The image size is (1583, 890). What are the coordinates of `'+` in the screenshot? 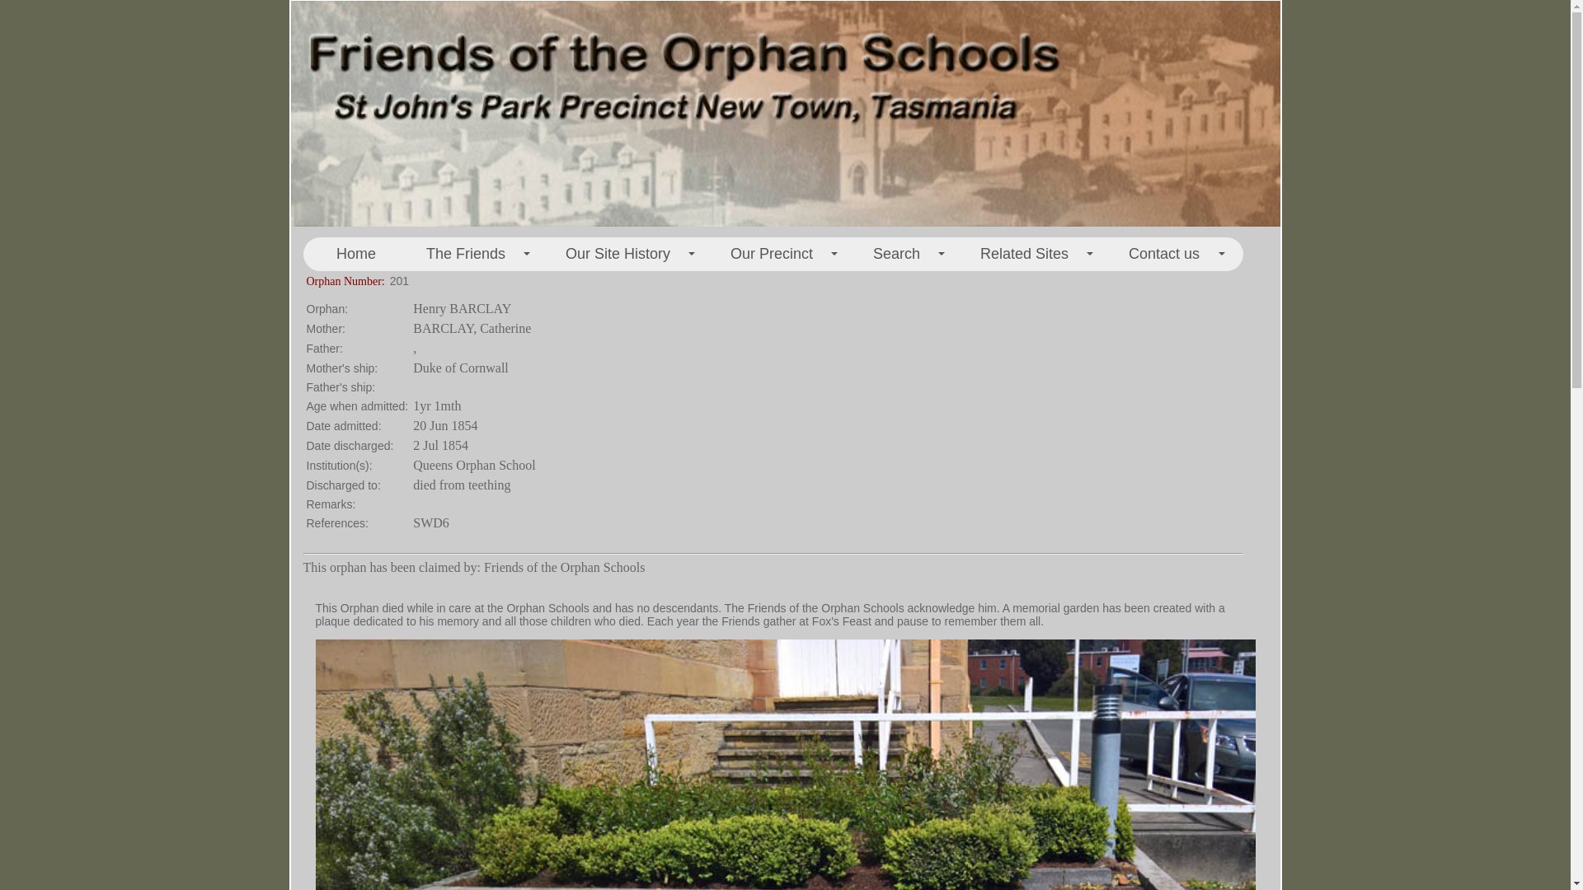 It's located at (775, 254).